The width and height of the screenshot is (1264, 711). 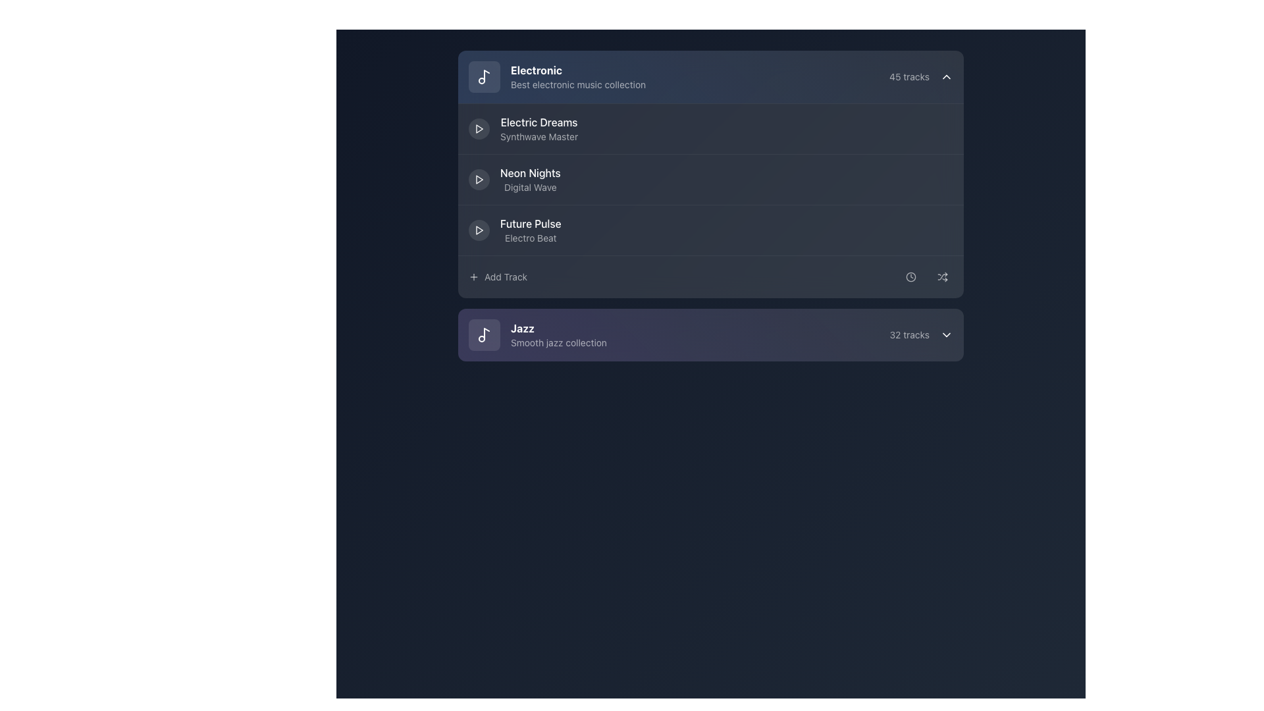 What do you see at coordinates (530, 188) in the screenshot?
I see `the text label displaying 'Digital Wave', which is a semi-transparent subtitle located beneath the 'Neon Nights' title in the Electronic section` at bounding box center [530, 188].